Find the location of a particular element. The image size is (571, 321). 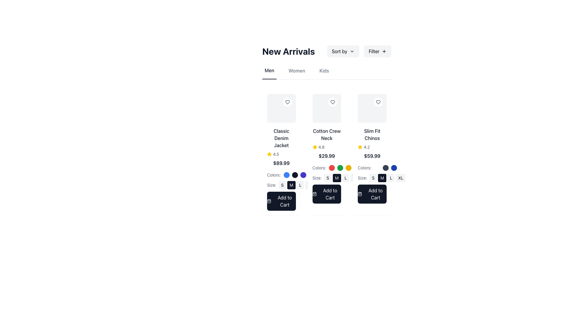

the button labeled 'L' with a light gray background and rounded corners, which is the third button in the size options group below the 'Cotton Crew Neck' product card is located at coordinates (300, 185).